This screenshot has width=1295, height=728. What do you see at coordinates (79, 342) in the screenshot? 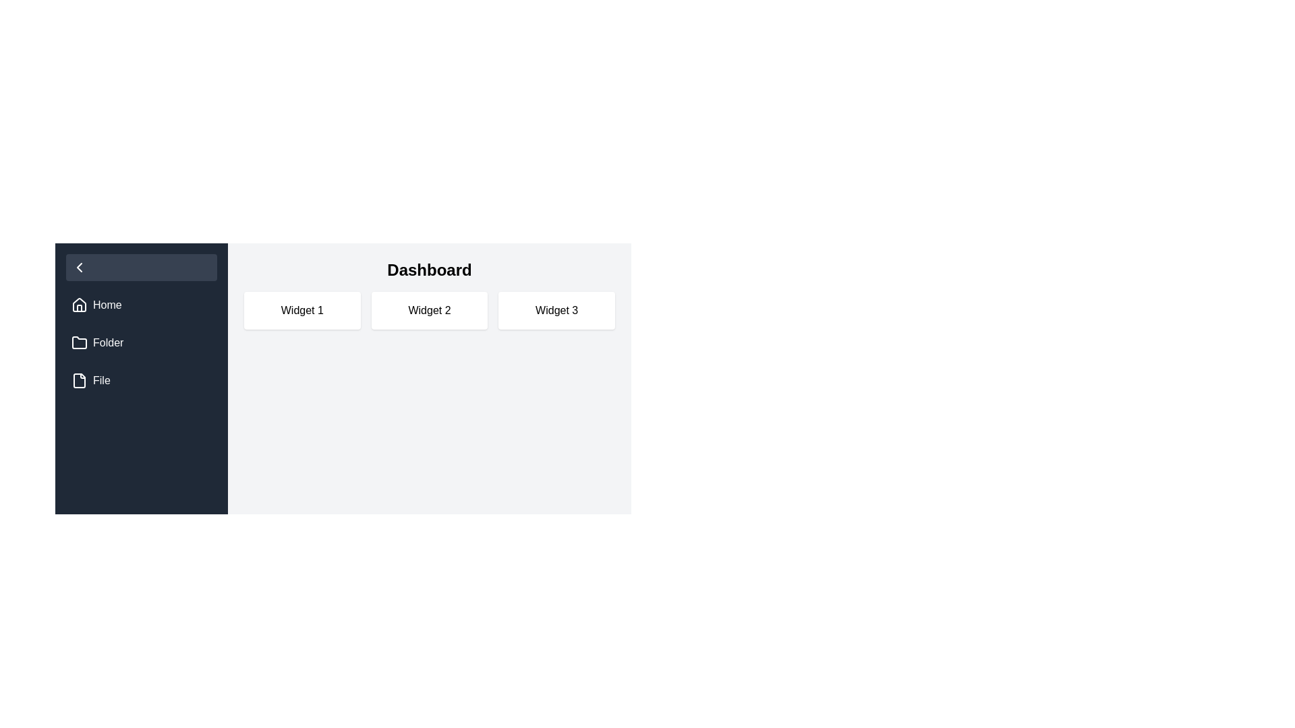
I see `the folder icon located in the sidebar, which is the second item in the vertical navigation menu, below the 'Home' icon and above the 'File' icon` at bounding box center [79, 342].